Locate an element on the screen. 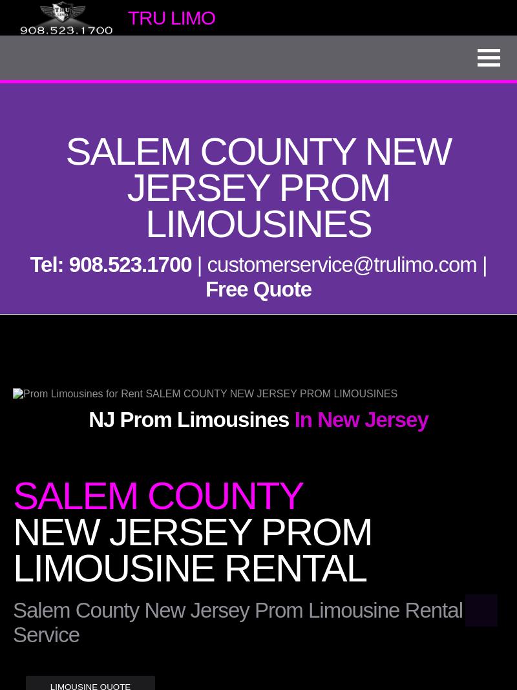 The image size is (517, 690). 'Salem County New Jersey Prom Limousines' is located at coordinates (257, 187).